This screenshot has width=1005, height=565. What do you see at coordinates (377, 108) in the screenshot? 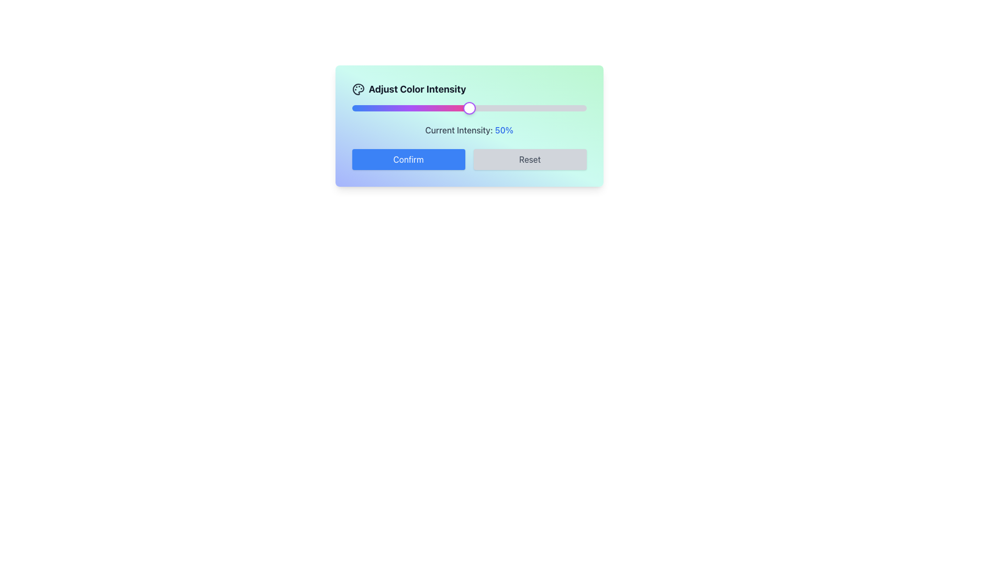
I see `the color intensity` at bounding box center [377, 108].